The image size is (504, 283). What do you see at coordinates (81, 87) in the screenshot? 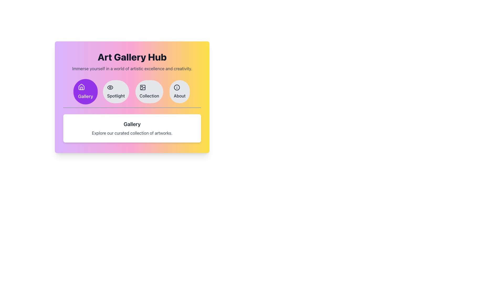
I see `the graphical icon representing the 'Gallery' button, which is the first button in the row of four buttons under the 'Art Gallery Hub' header` at bounding box center [81, 87].